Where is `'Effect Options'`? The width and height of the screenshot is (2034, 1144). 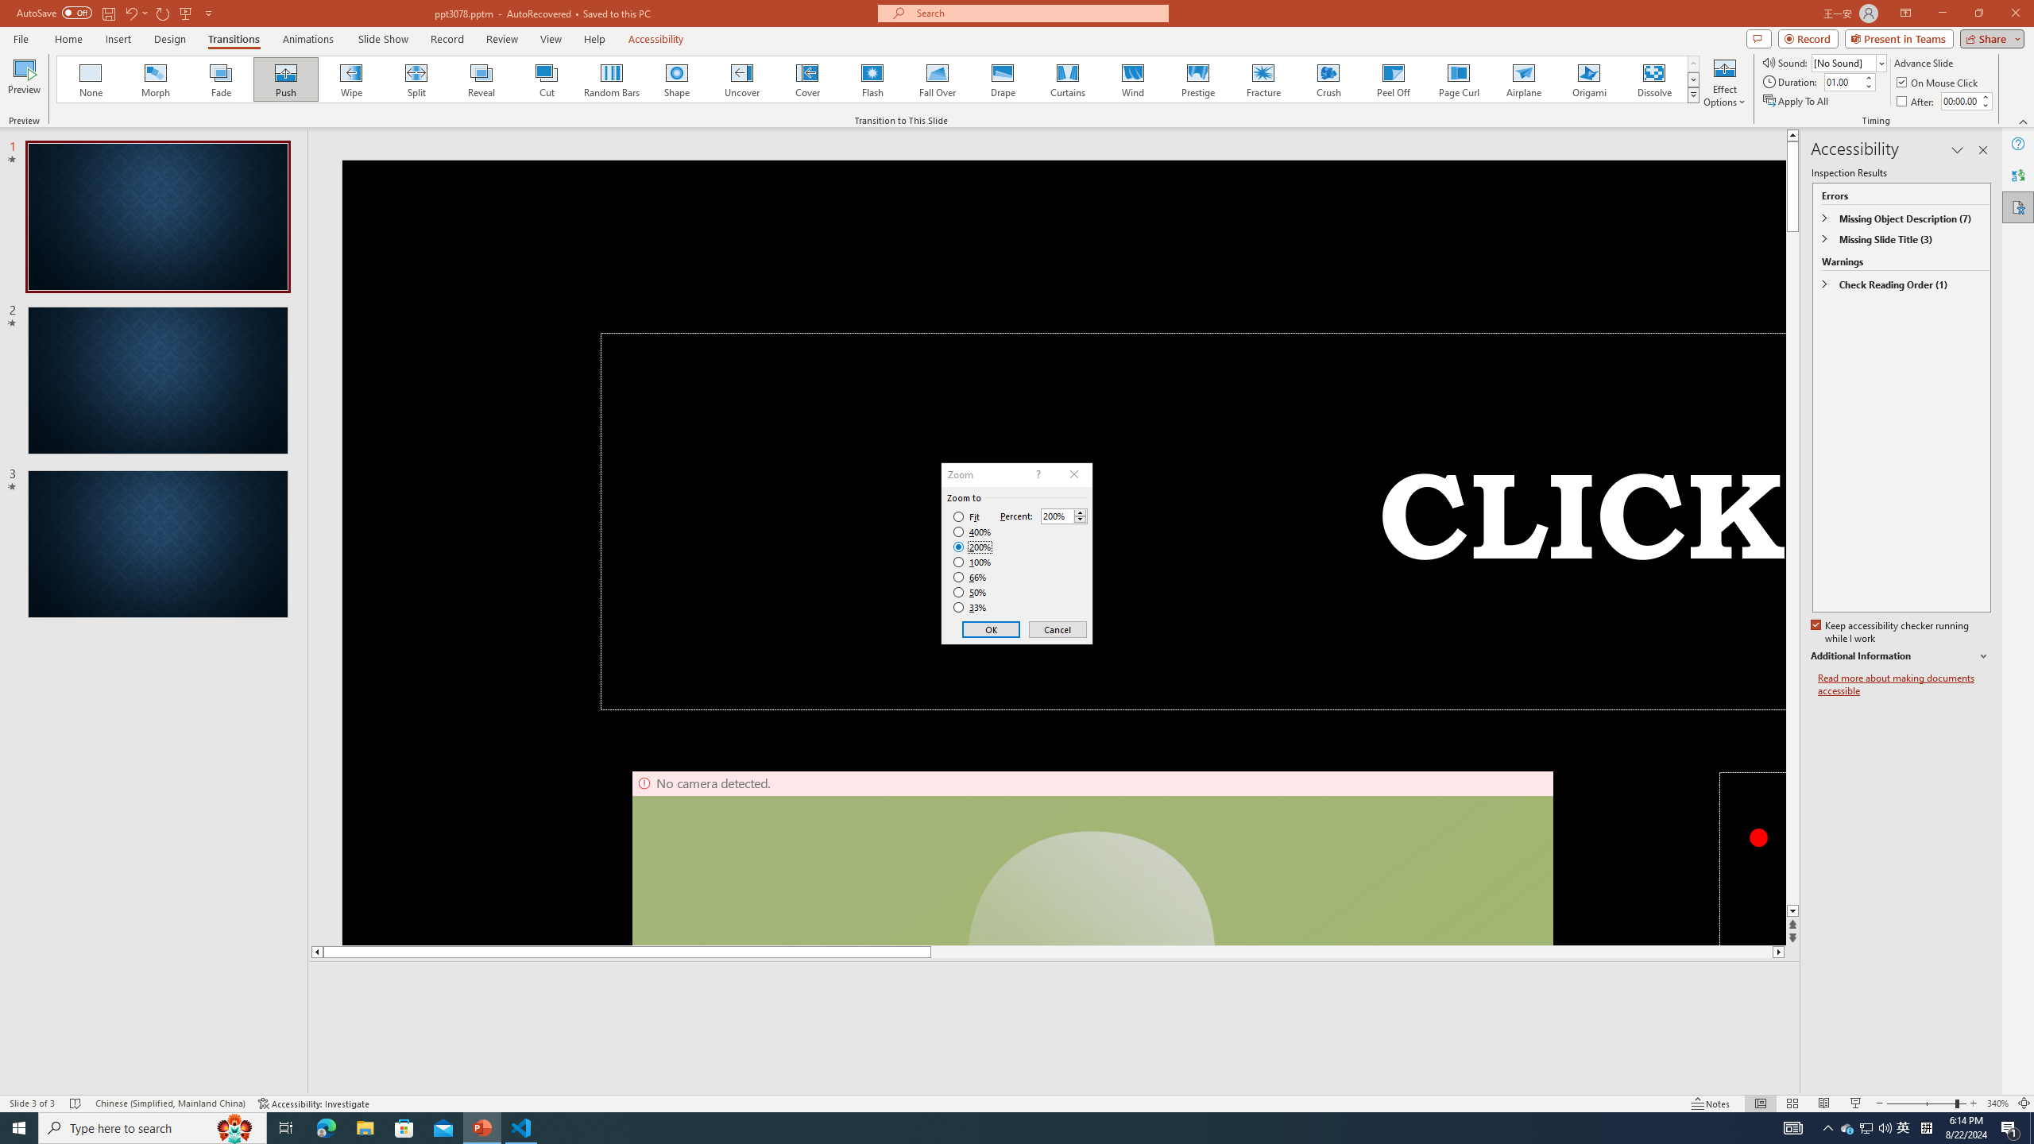
'Effect Options' is located at coordinates (1723, 82).